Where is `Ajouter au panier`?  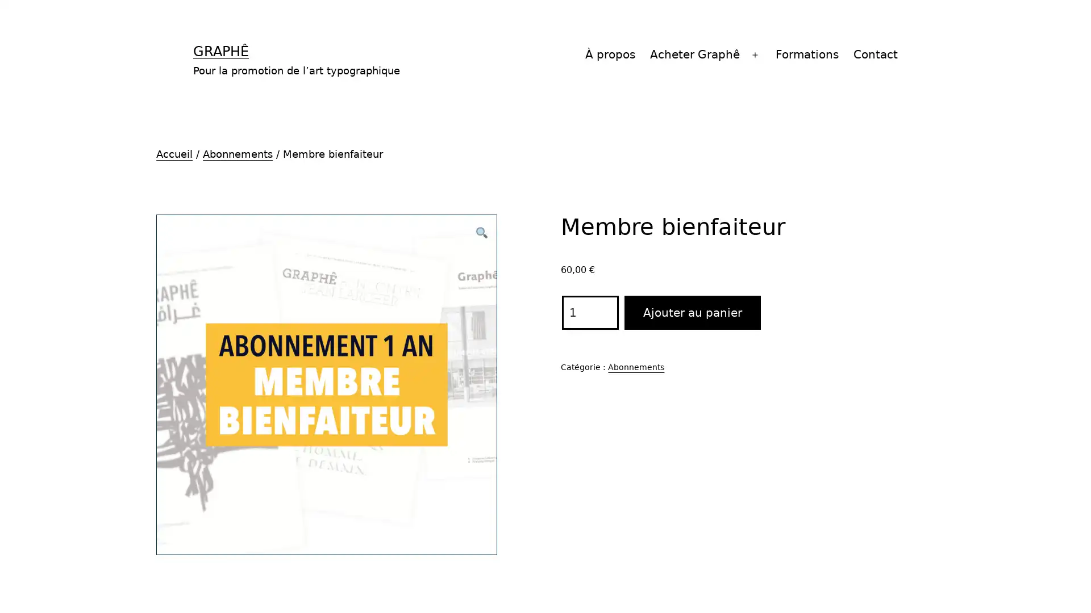 Ajouter au panier is located at coordinates (692, 312).